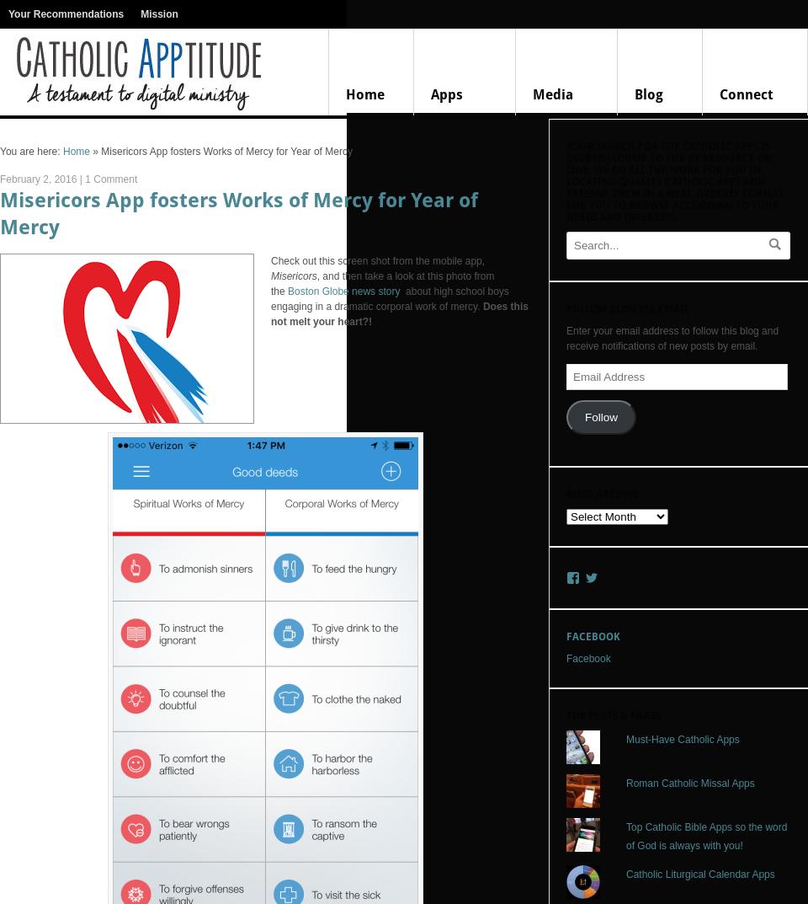  I want to click on 'Catholic Liturgical Calendar Apps', so click(700, 875).